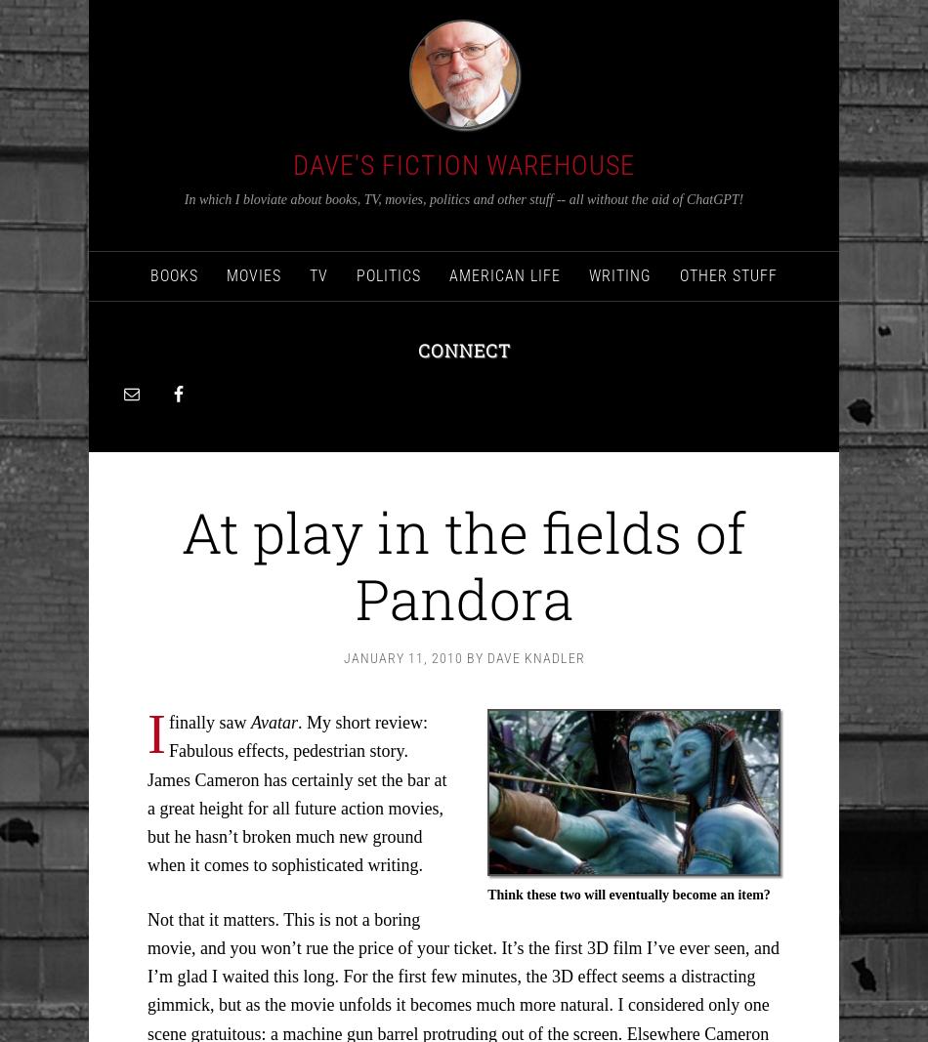 The height and width of the screenshot is (1042, 928). Describe the element at coordinates (464, 563) in the screenshot. I see `'At play in the fields of Pandora'` at that location.